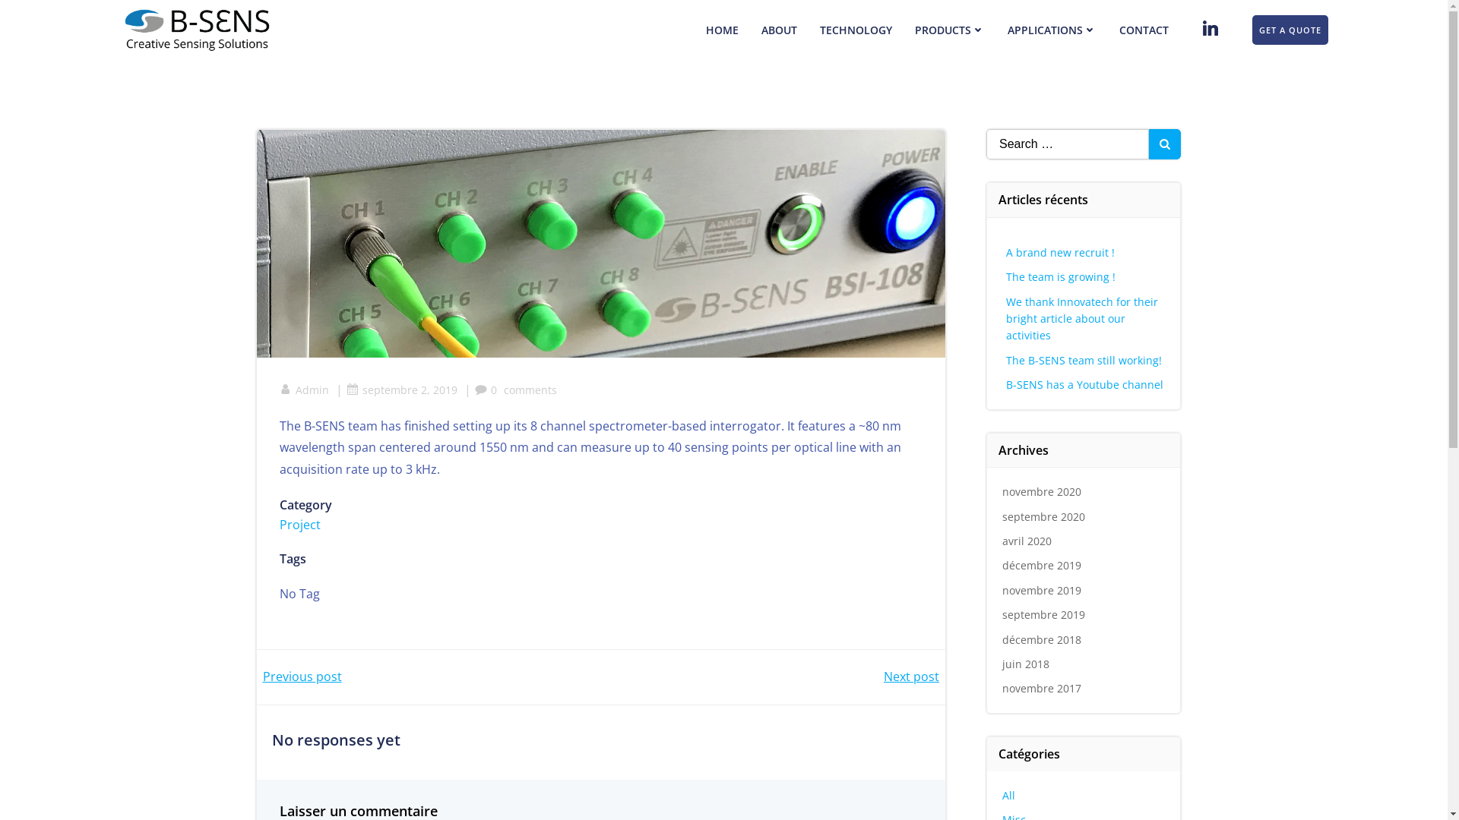 This screenshot has width=1459, height=820. What do you see at coordinates (1119, 30) in the screenshot?
I see `'CONTACT'` at bounding box center [1119, 30].